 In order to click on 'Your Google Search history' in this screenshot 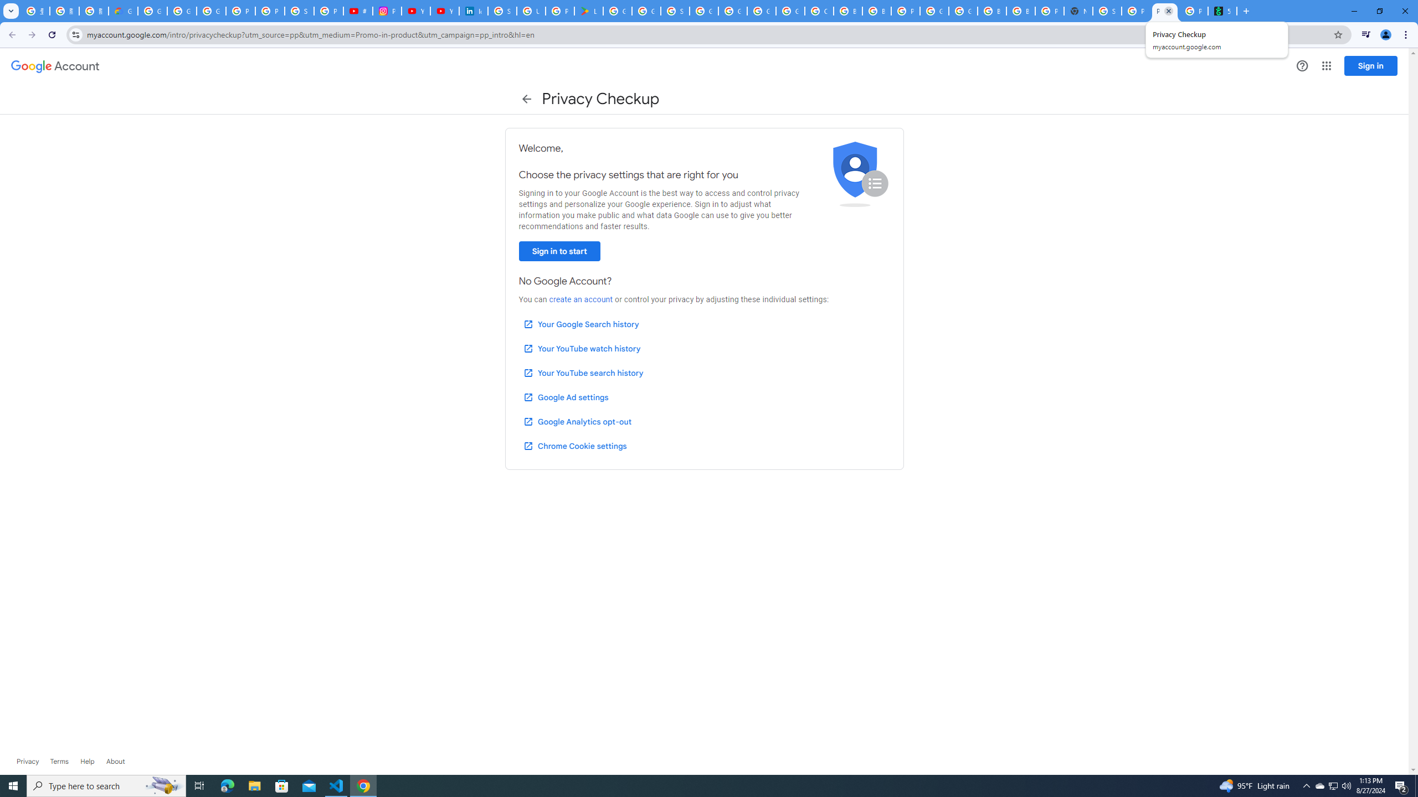, I will do `click(580, 324)`.